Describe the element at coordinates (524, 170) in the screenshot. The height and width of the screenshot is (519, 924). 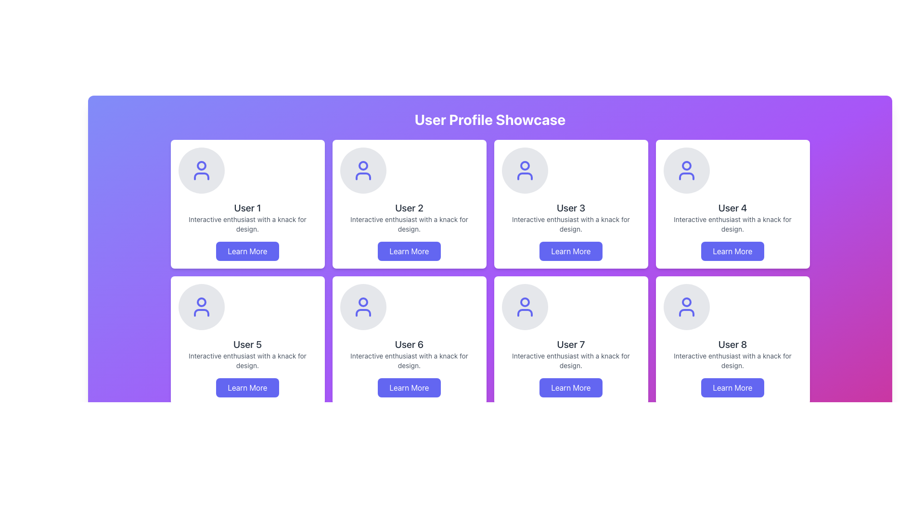
I see `the decorative user profile icon at the top center of the card labeled 'User 3', located in the first row and third column of the user profile grid` at that location.